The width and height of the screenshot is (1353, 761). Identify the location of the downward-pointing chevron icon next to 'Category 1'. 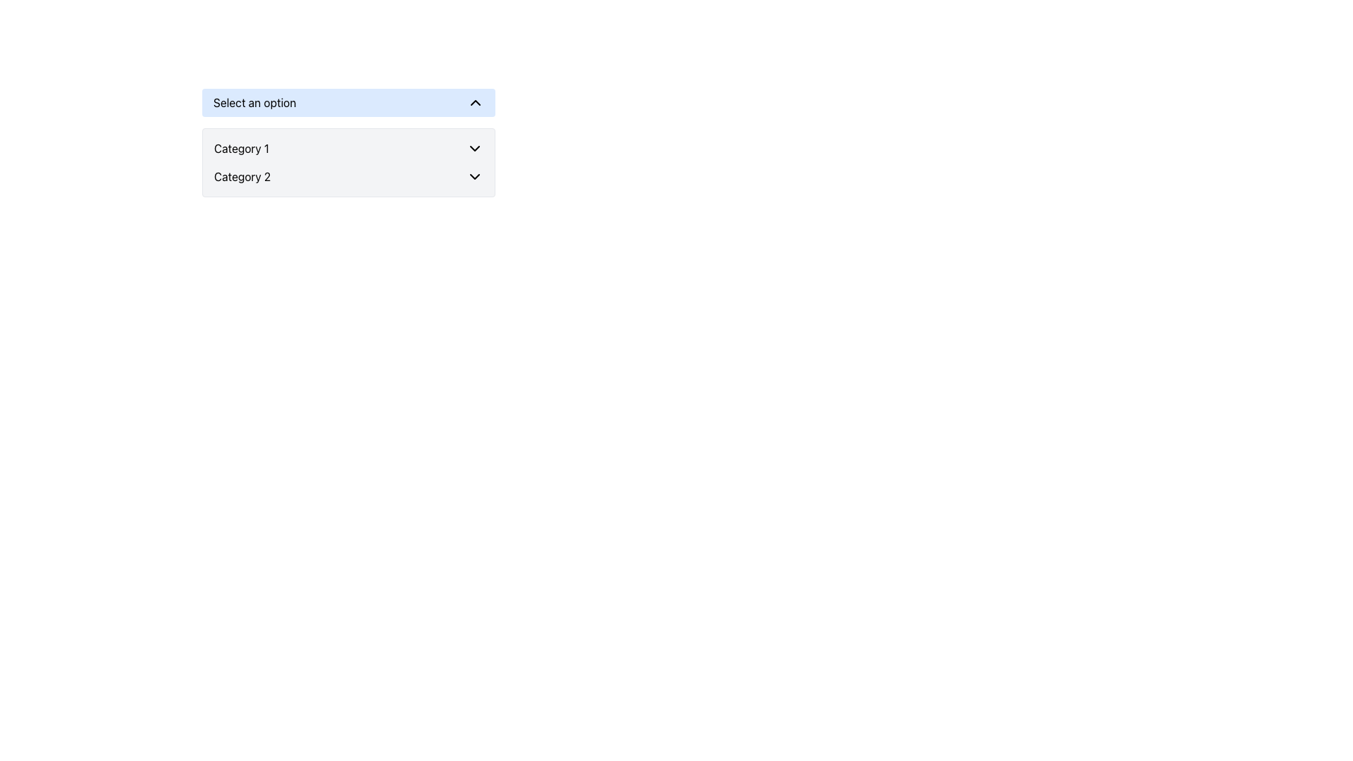
(474, 149).